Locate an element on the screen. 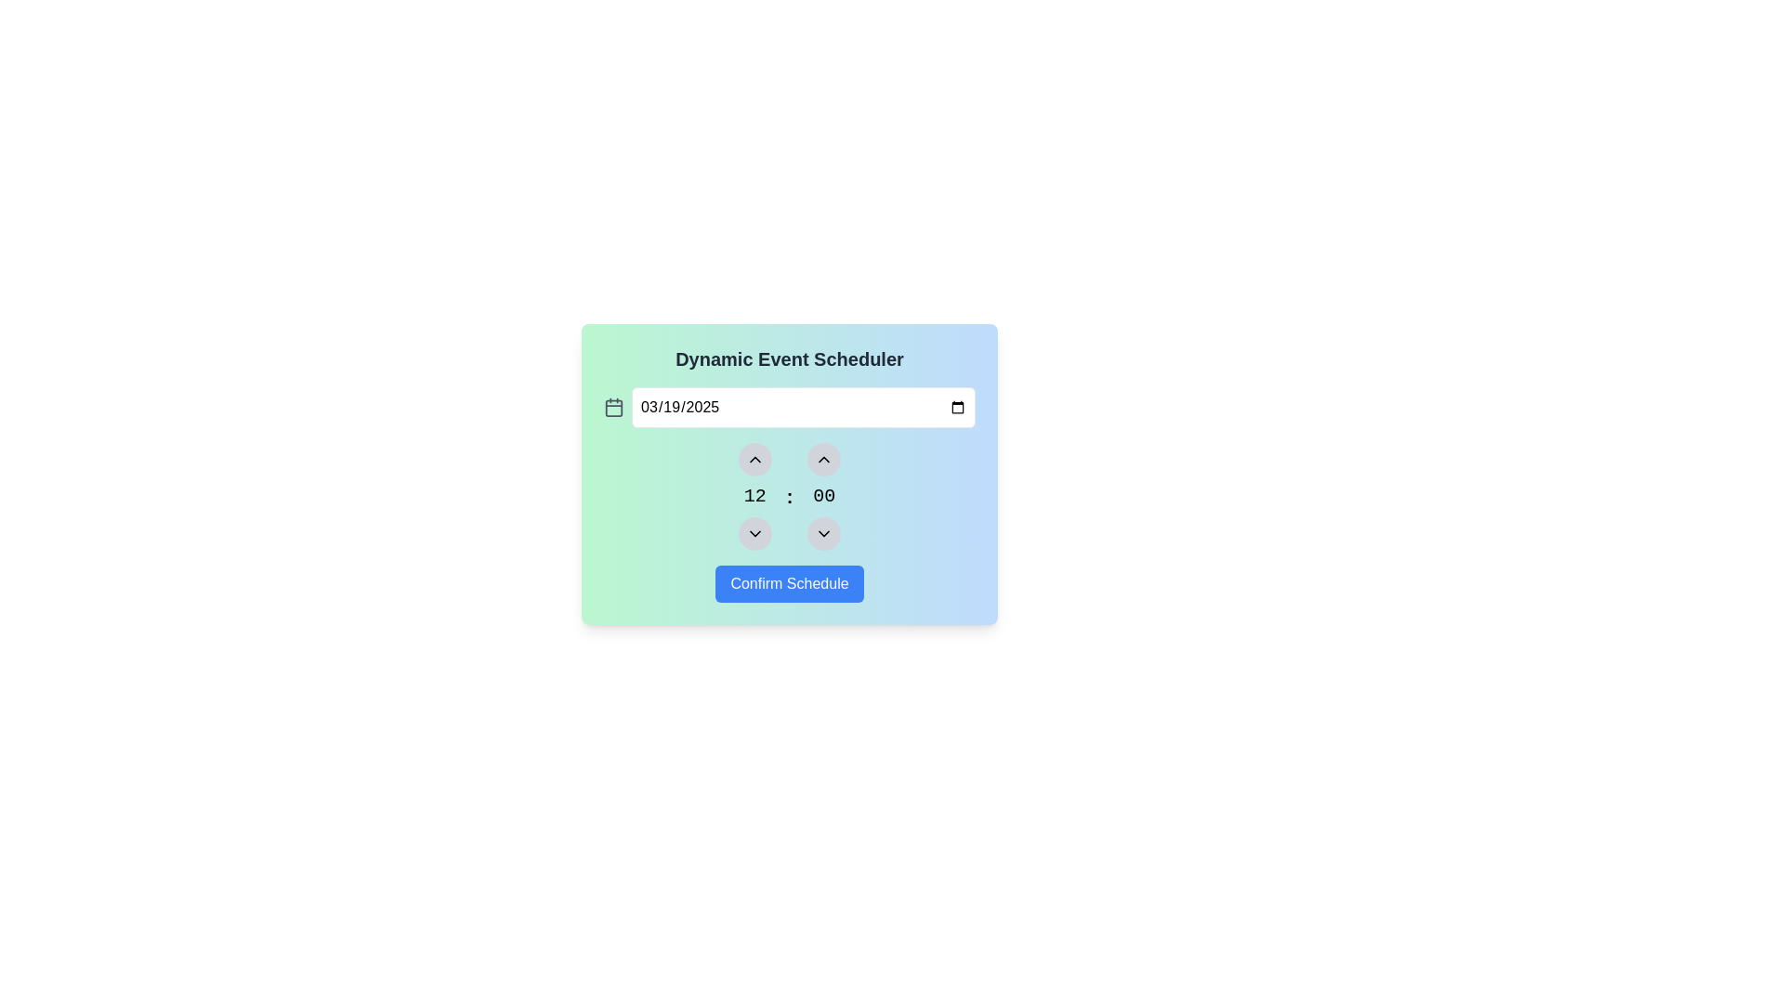 The height and width of the screenshot is (1003, 1784). the calendar icon located to the far left of the adjacent date input field, which serves to visually indicate the date selection functionality is located at coordinates (614, 407).